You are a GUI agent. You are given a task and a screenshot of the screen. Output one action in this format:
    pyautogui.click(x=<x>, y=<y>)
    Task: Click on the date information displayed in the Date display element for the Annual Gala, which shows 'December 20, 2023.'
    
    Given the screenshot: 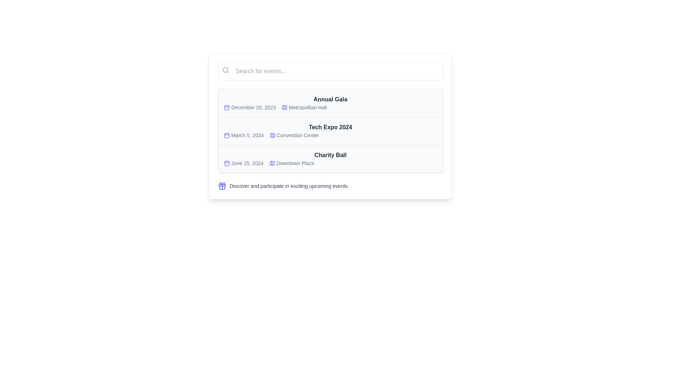 What is the action you would take?
    pyautogui.click(x=250, y=108)
    